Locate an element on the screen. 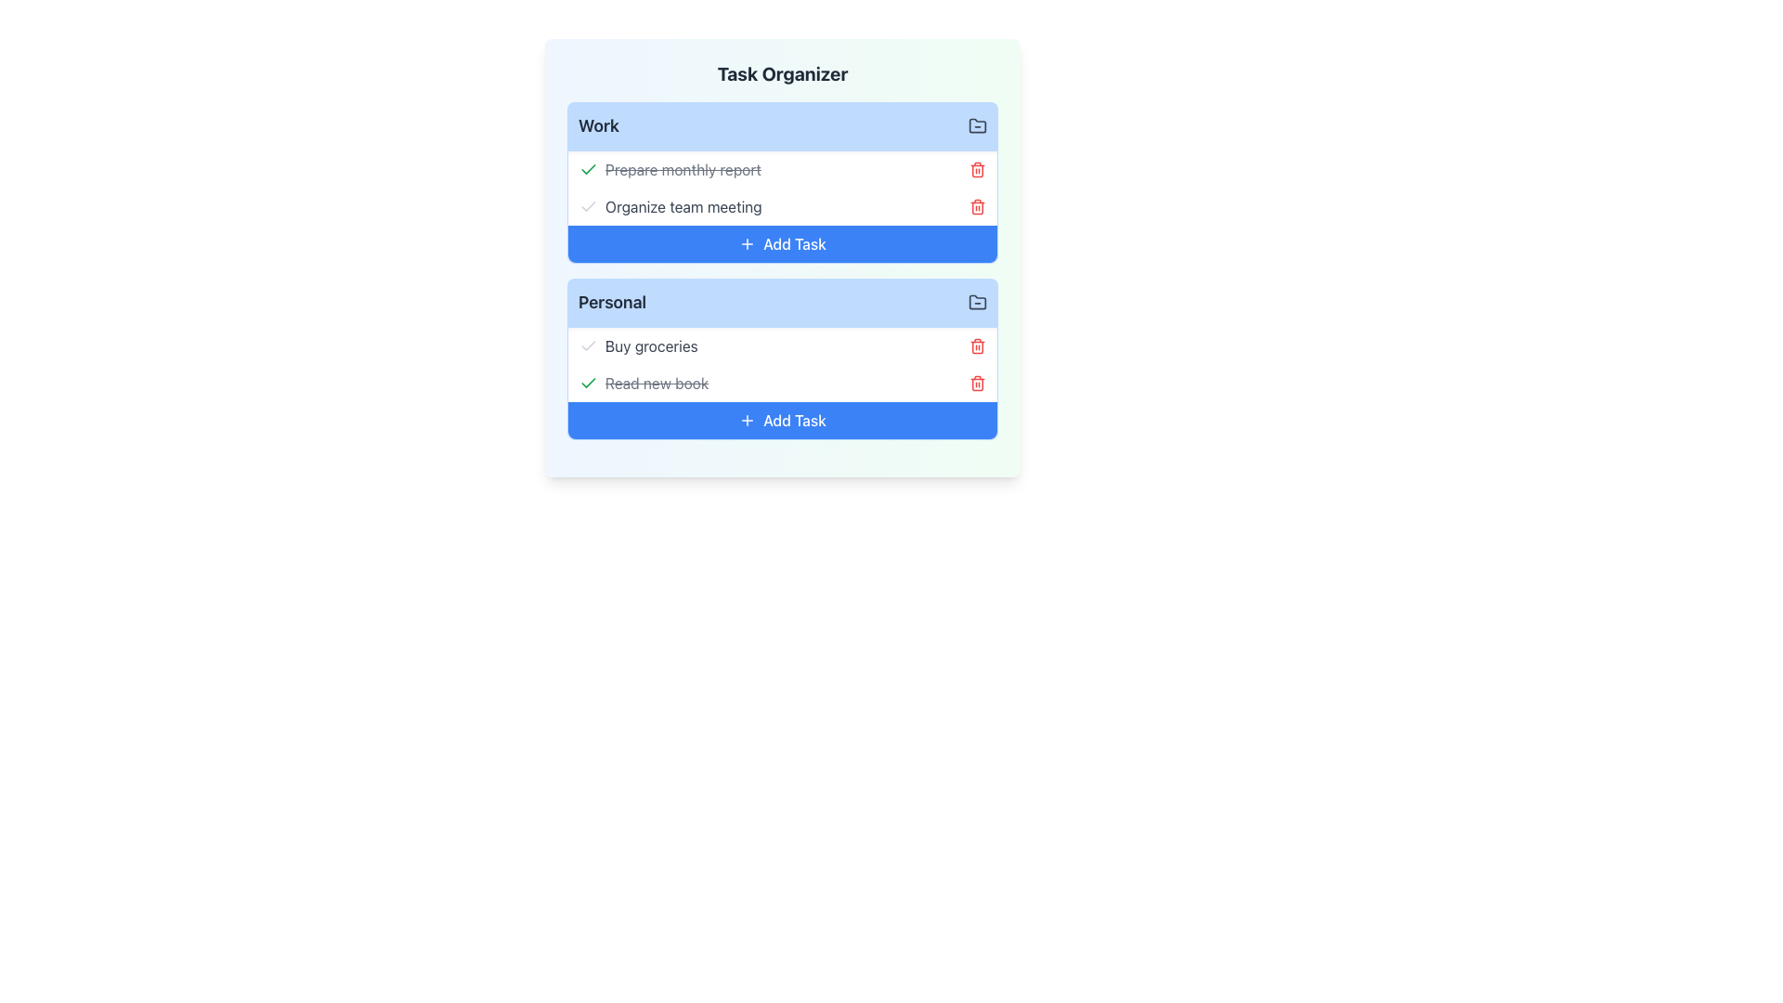 The height and width of the screenshot is (1003, 1783). the static text element that indicates a task item within the personal task list, which is the first task under 'Personal' is located at coordinates (638, 346).